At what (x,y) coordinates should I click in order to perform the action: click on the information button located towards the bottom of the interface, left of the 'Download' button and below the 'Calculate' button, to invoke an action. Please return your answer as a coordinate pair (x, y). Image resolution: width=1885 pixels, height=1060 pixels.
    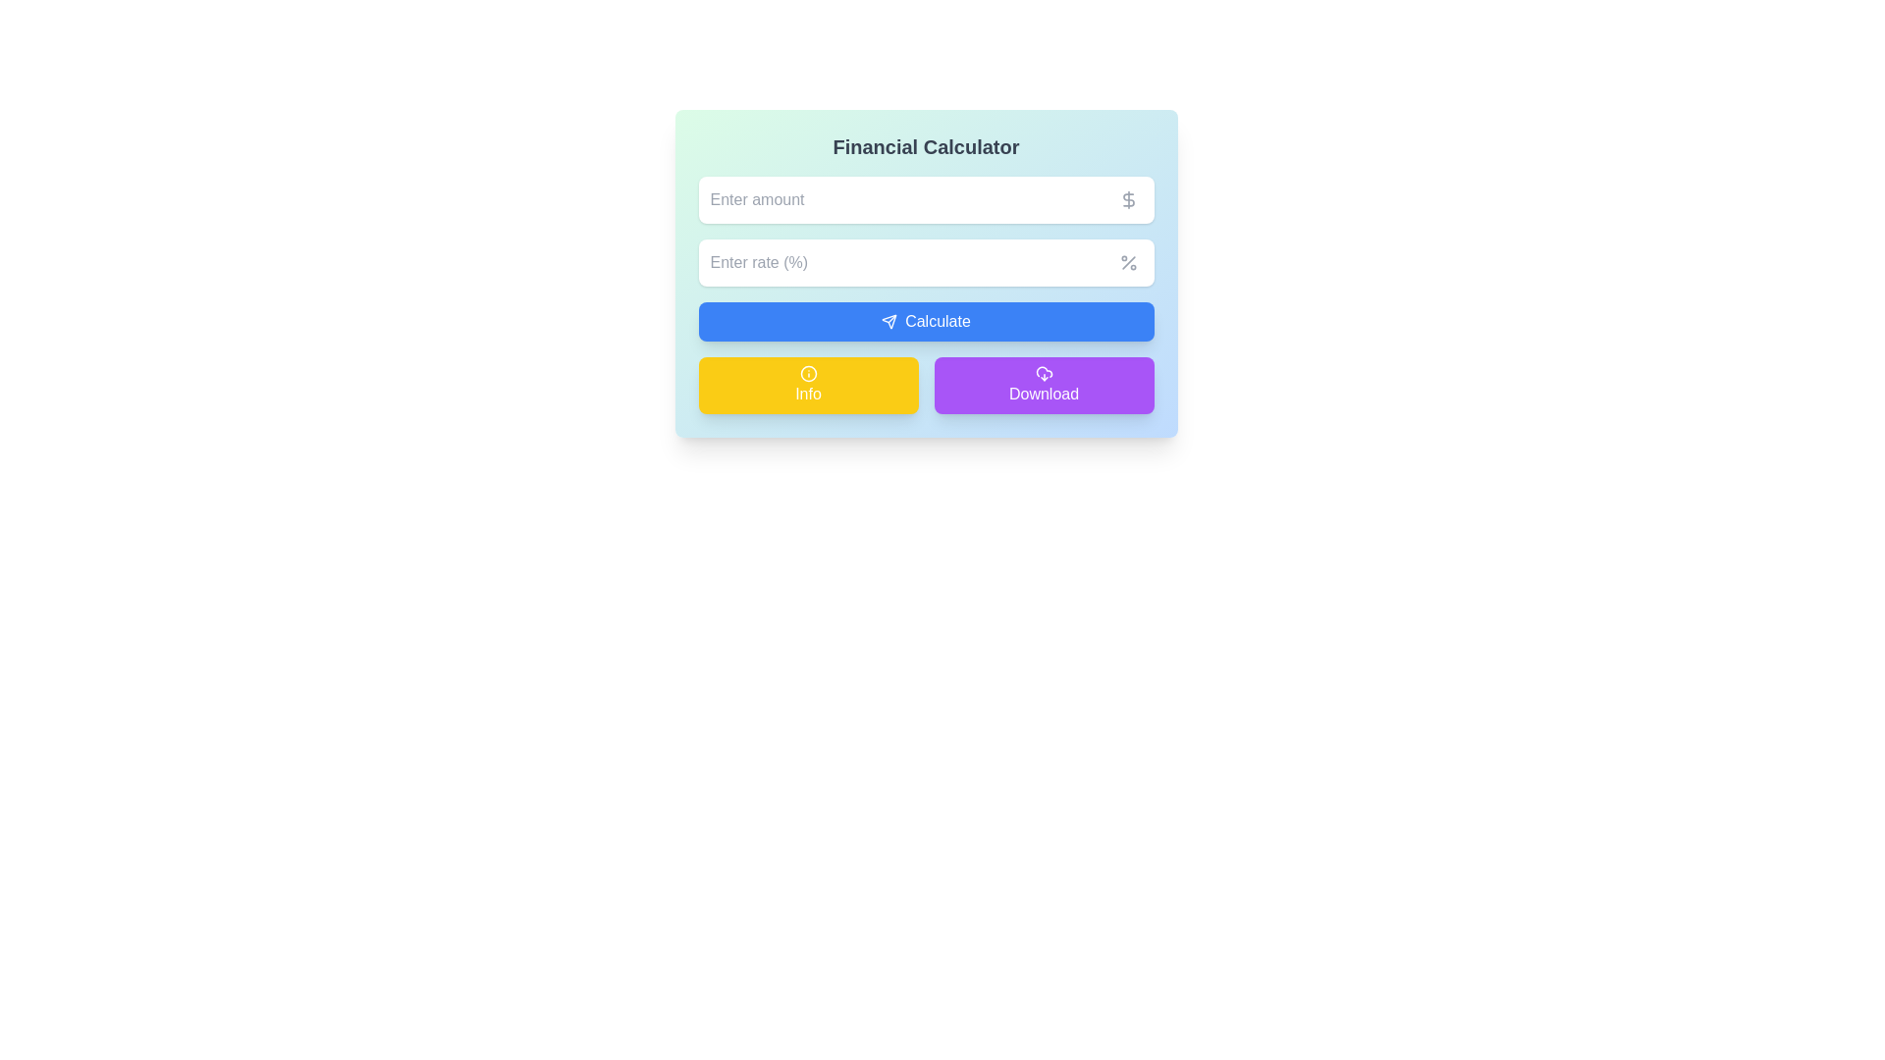
    Looking at the image, I should click on (808, 386).